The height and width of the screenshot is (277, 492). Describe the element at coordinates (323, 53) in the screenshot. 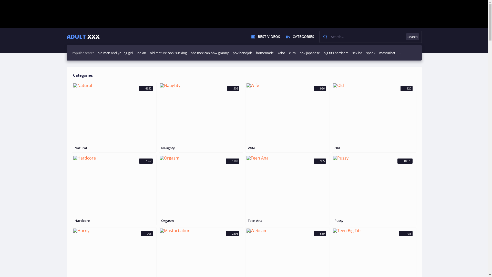

I see `'big tits hardcore'` at that location.